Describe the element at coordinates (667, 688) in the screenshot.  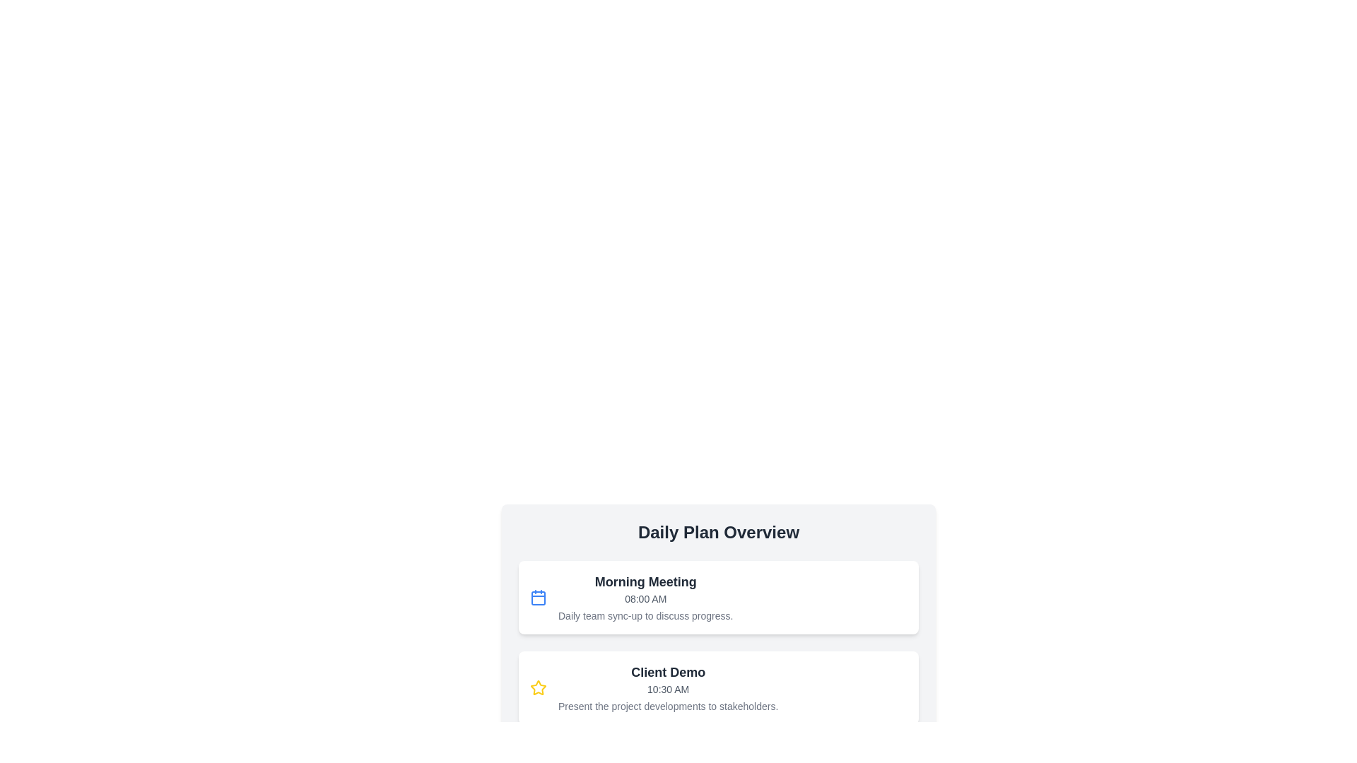
I see `the text label displaying '10:30 AM', which is in a smaller, light-gray font and positioned centrally below the title 'Client Demo'` at that location.